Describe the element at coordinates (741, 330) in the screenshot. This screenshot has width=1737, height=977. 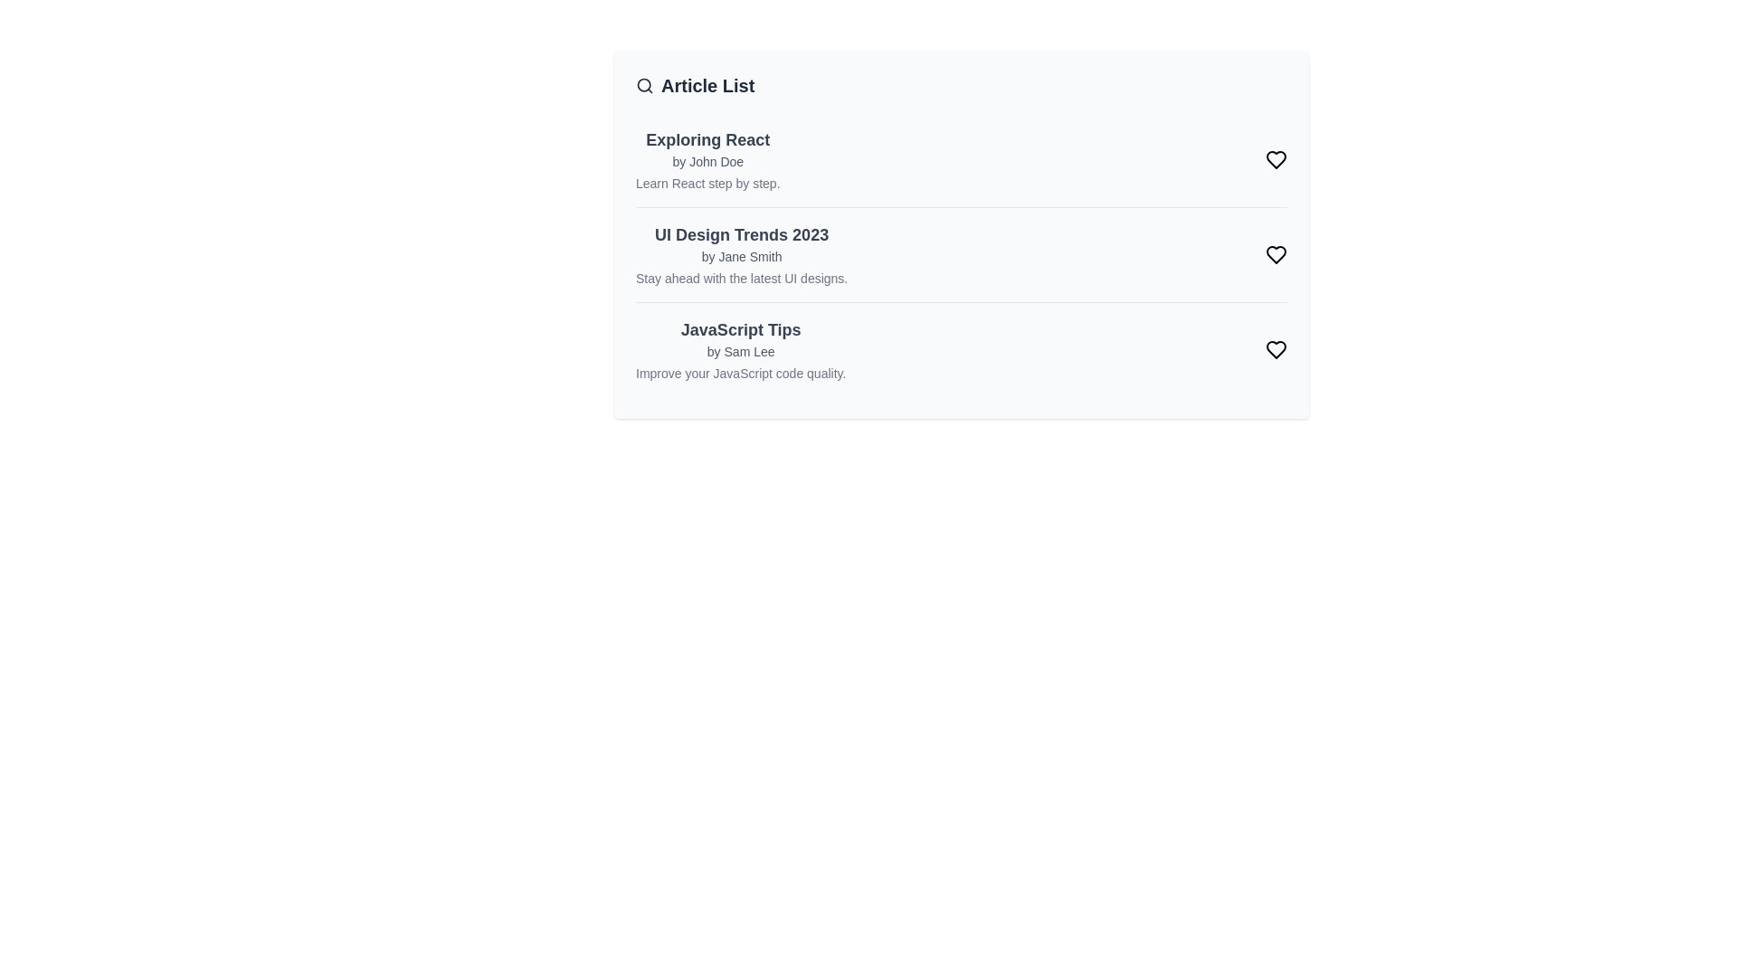
I see `the article titled JavaScript Tips to read its title and snippet` at that location.